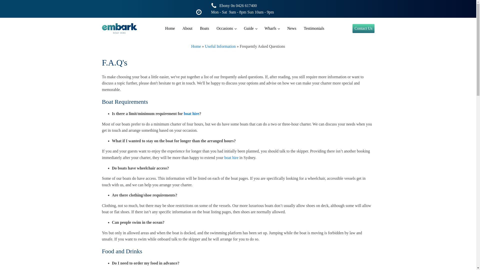 The width and height of the screenshot is (480, 270). What do you see at coordinates (314, 28) in the screenshot?
I see `'Testimonials'` at bounding box center [314, 28].